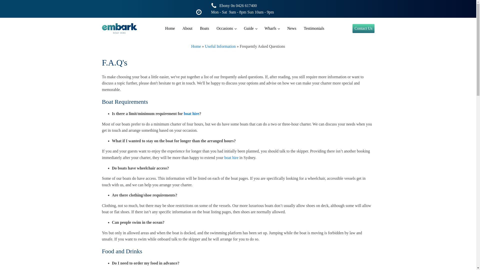 The width and height of the screenshot is (480, 270). What do you see at coordinates (314, 28) in the screenshot?
I see `'Testimonials'` at bounding box center [314, 28].